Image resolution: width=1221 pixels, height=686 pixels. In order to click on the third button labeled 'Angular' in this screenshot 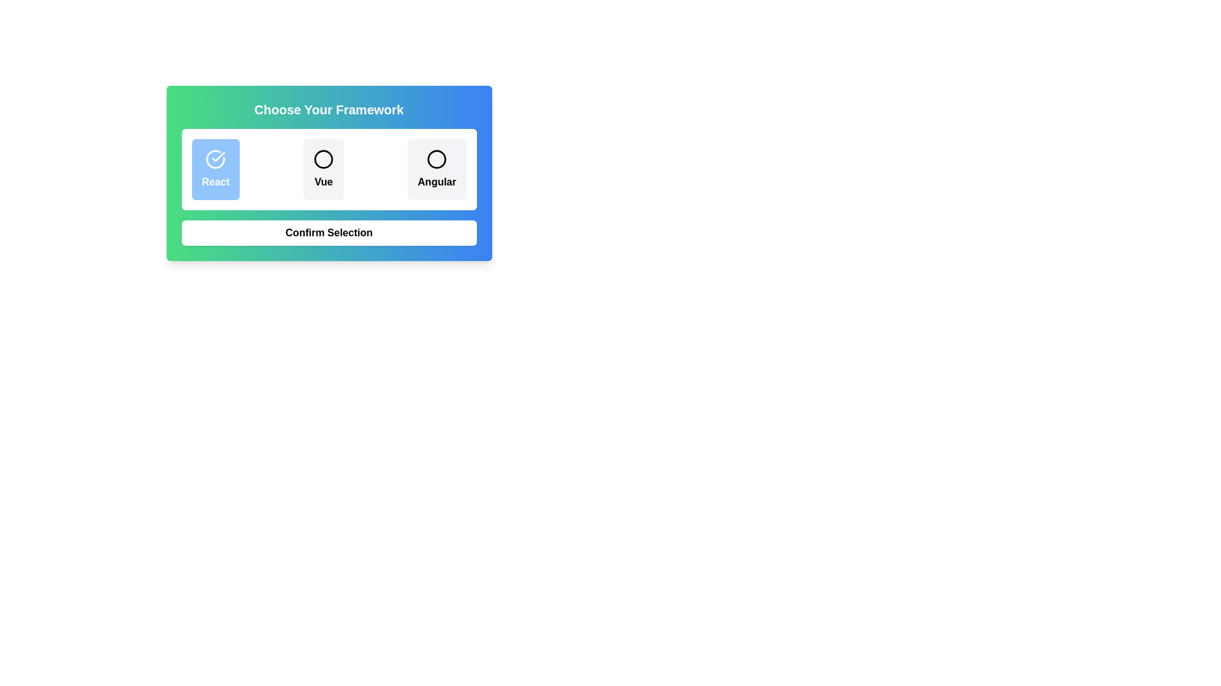, I will do `click(437, 168)`.